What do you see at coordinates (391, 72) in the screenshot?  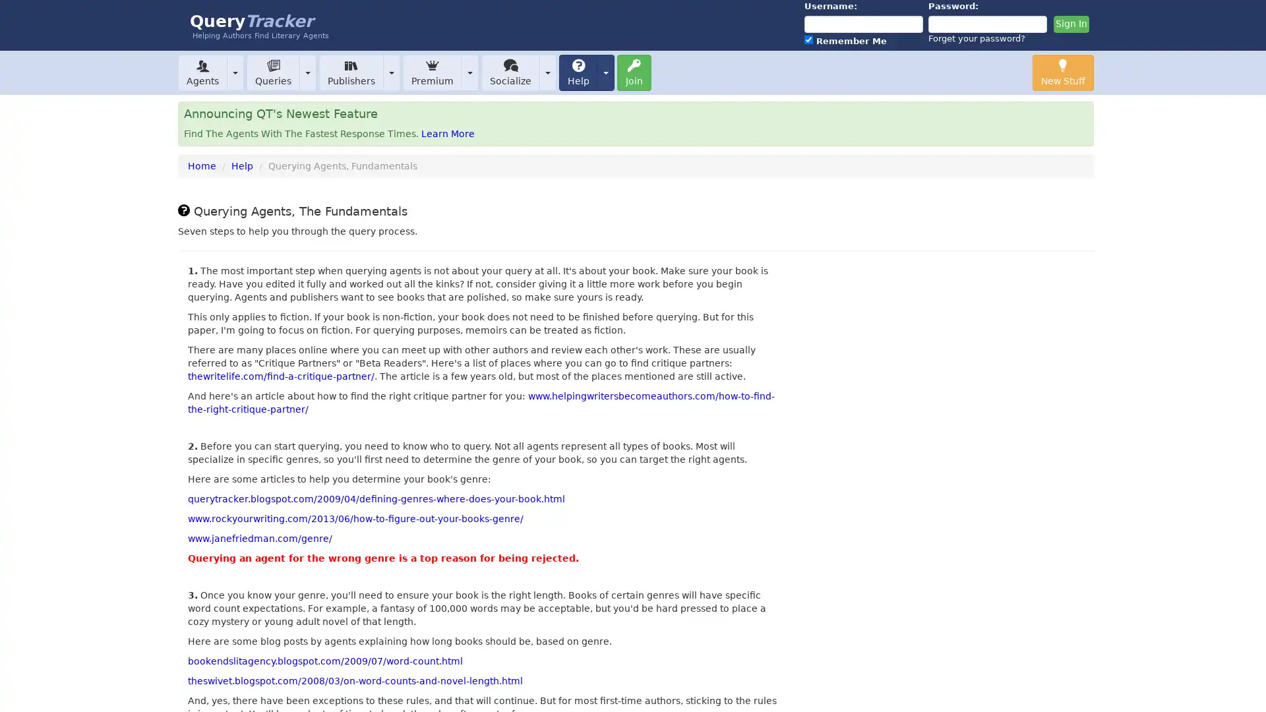 I see `Toggle Dropdown` at bounding box center [391, 72].